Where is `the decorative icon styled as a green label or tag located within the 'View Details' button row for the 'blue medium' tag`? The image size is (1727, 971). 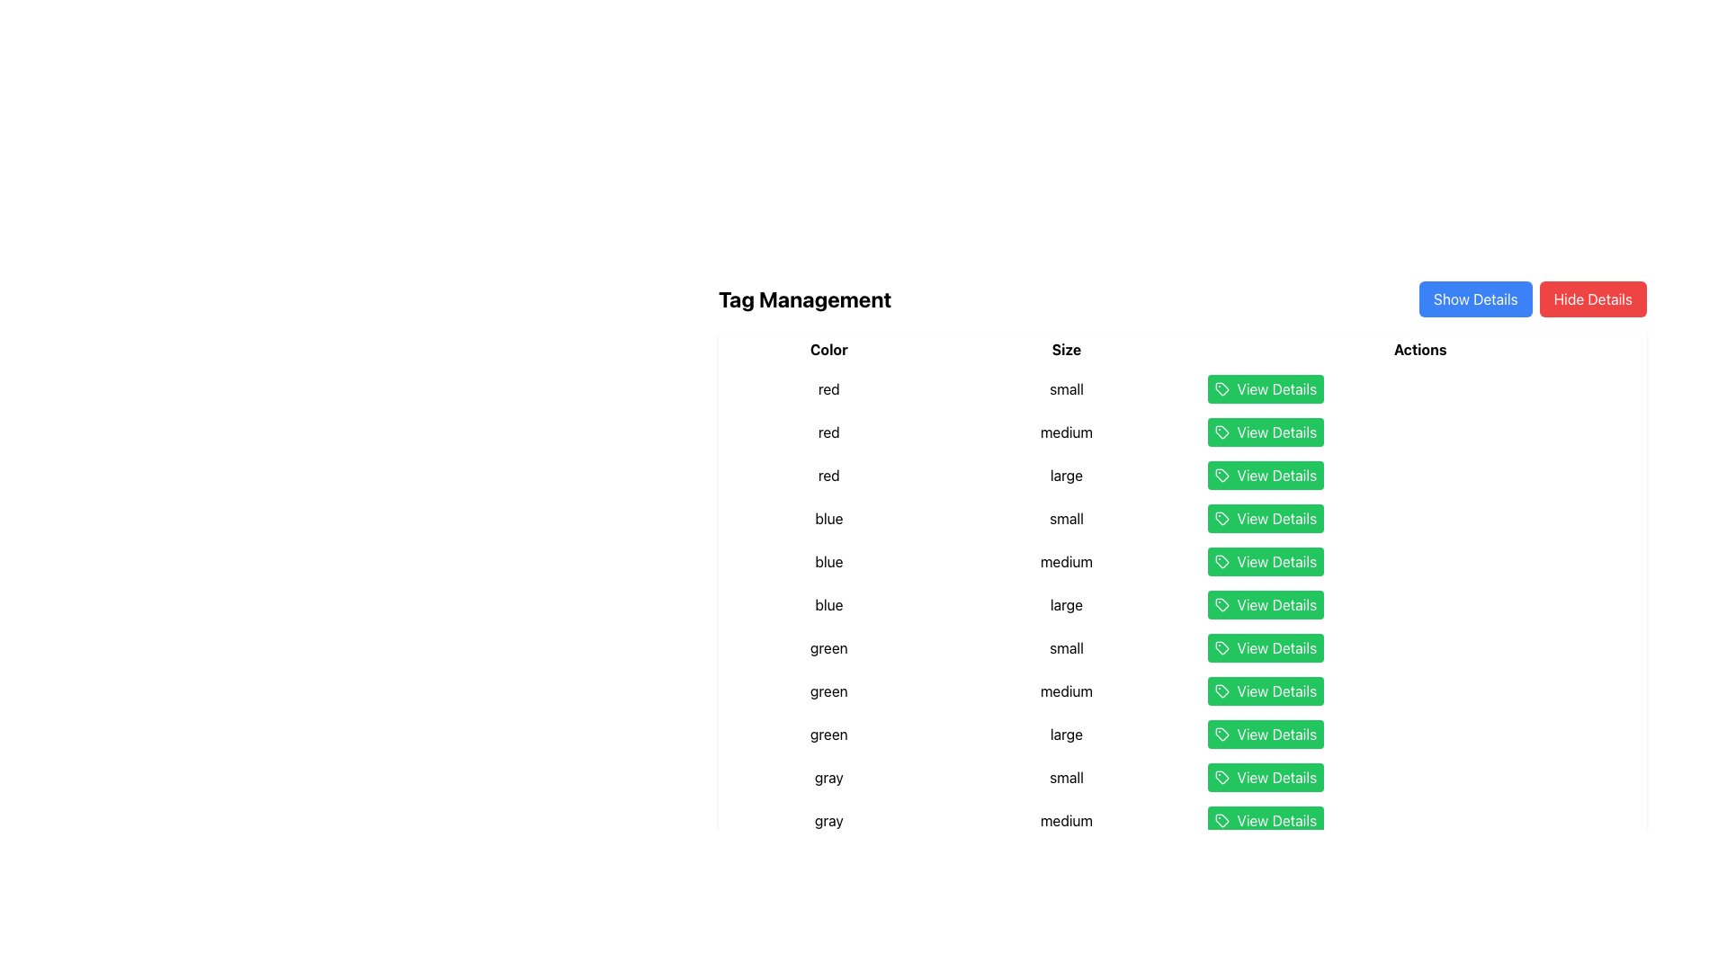 the decorative icon styled as a green label or tag located within the 'View Details' button row for the 'blue medium' tag is located at coordinates (1222, 560).